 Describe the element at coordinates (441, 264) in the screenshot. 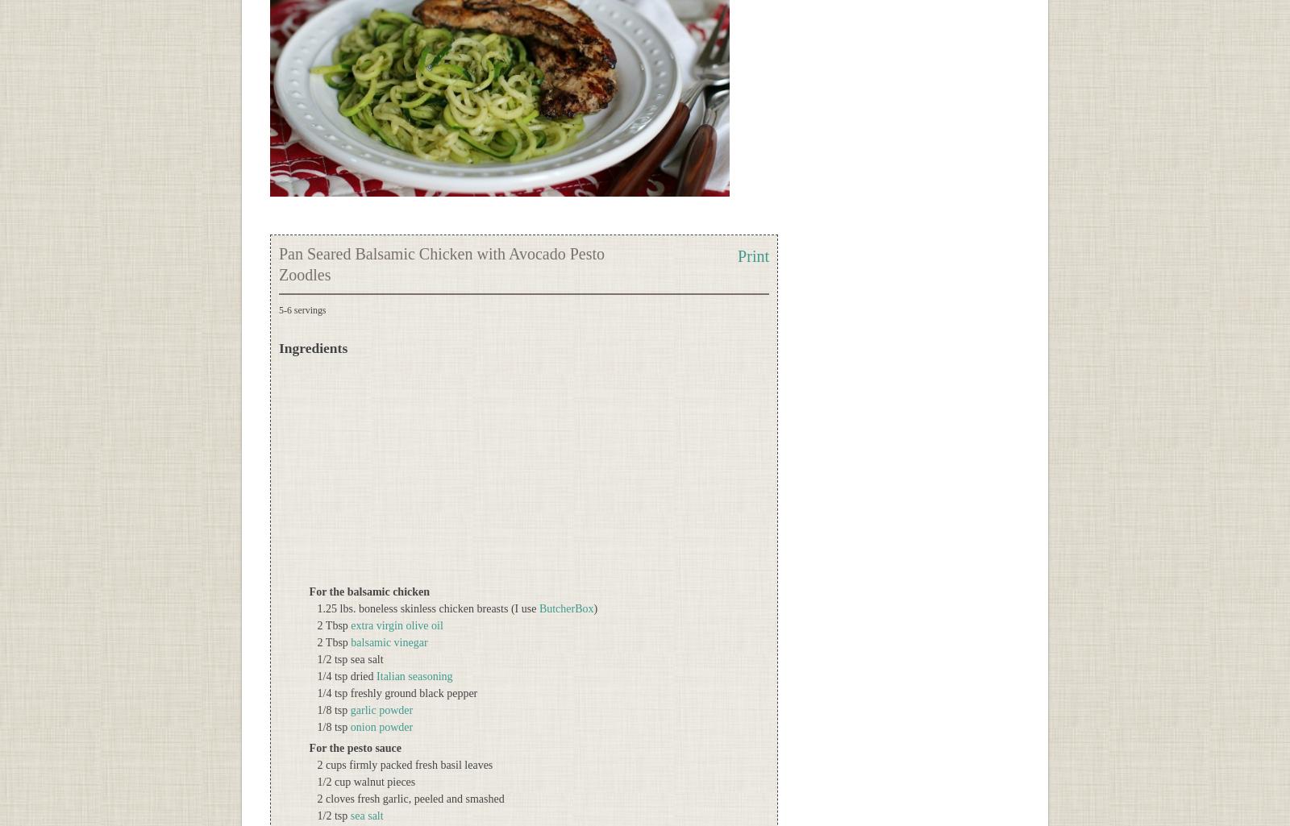

I see `'Pan Seared Balsamic Chicken with Avocado Pesto Zoodles'` at that location.